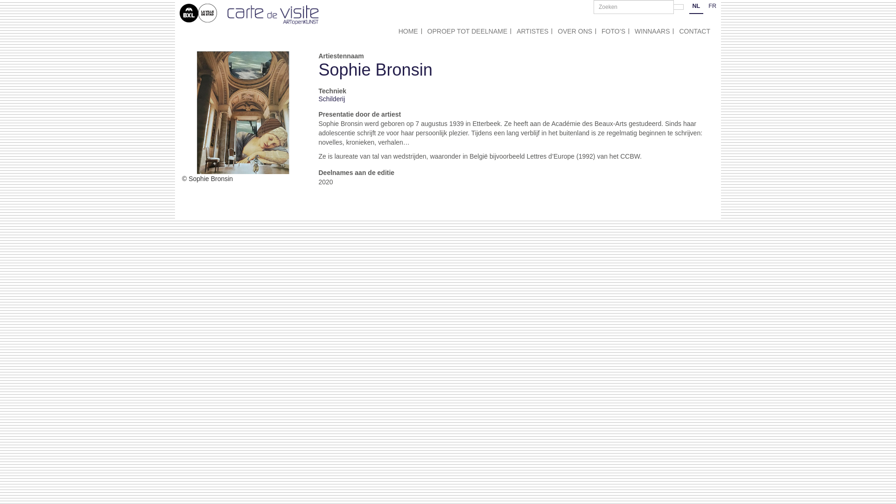 This screenshot has height=504, width=896. What do you see at coordinates (532, 30) in the screenshot?
I see `'ARTISTES'` at bounding box center [532, 30].